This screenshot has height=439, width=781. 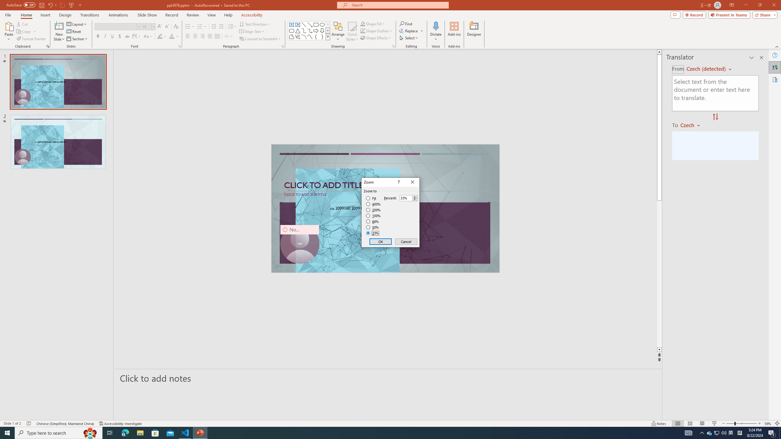 I want to click on '33%', so click(x=373, y=233).